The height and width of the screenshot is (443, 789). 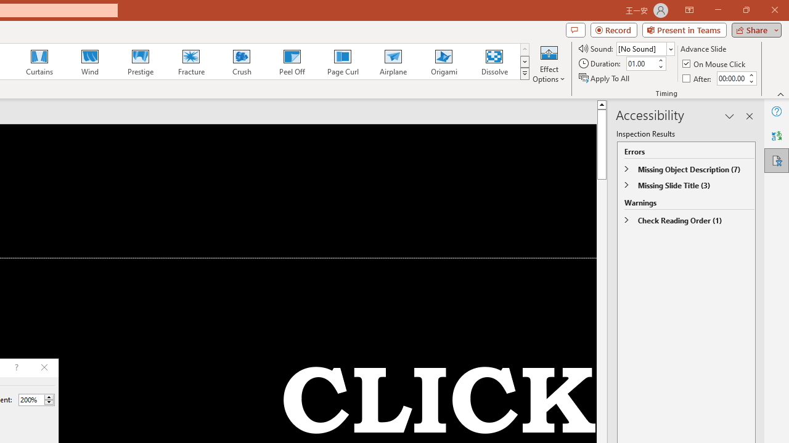 I want to click on 'After', so click(x=698, y=78).